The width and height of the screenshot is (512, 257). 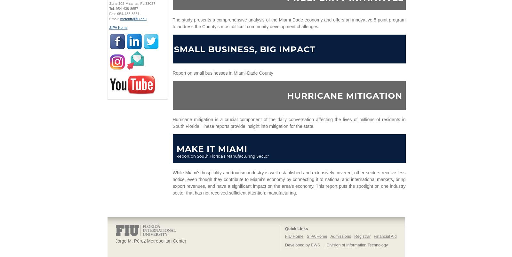 What do you see at coordinates (296, 228) in the screenshot?
I see `'Quick Links'` at bounding box center [296, 228].